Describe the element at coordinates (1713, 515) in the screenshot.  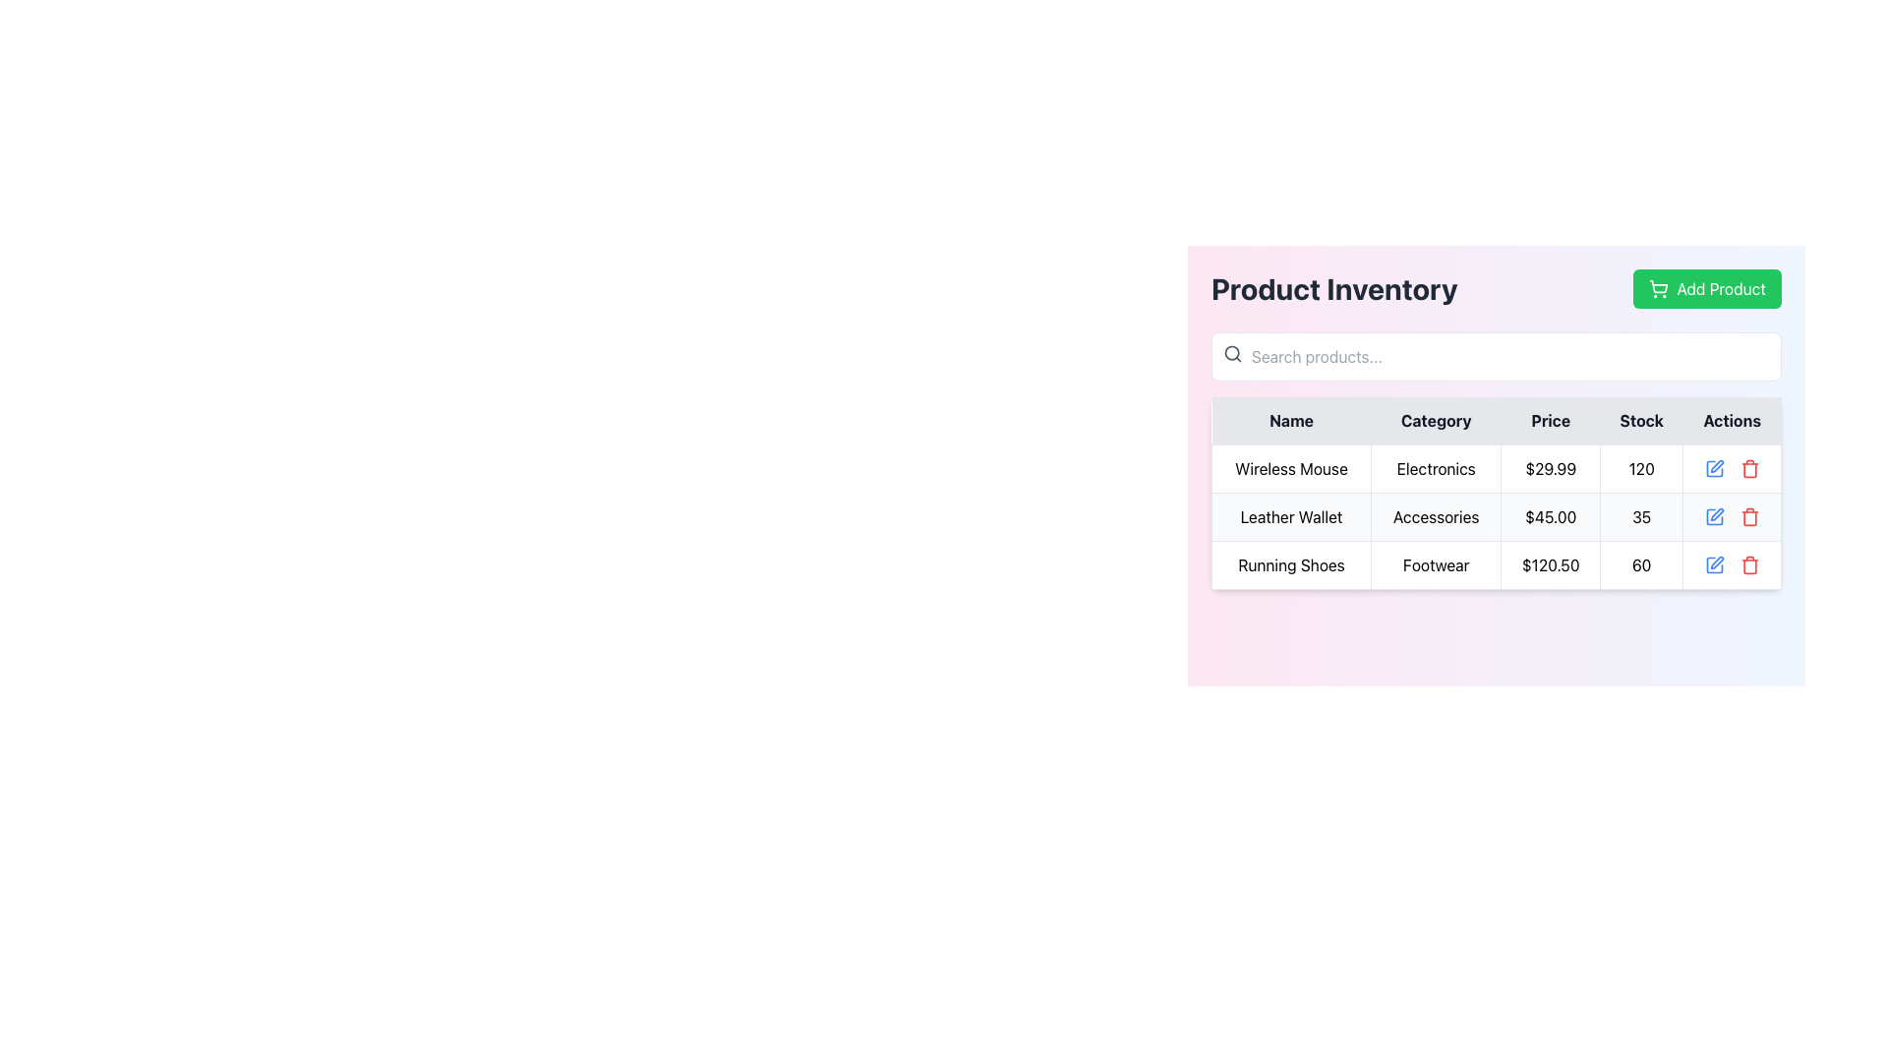
I see `the blue pen icon button used for editing actions in the 'Actions' column of the inventory table, specifically for the 'Leather Wallet' entry` at that location.